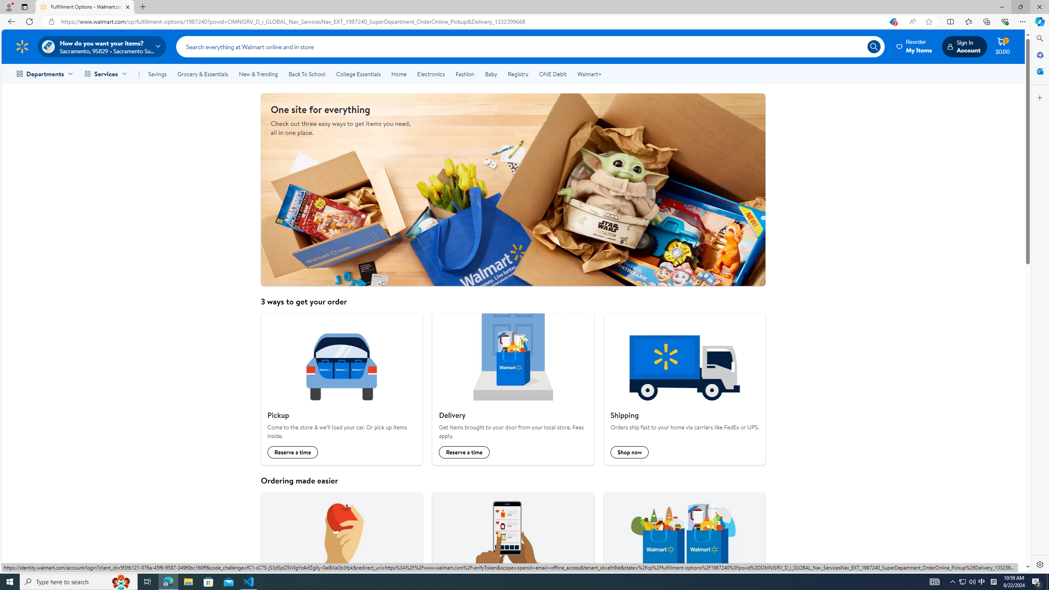 The image size is (1049, 590). Describe the element at coordinates (553, 74) in the screenshot. I see `'ONE Debit'` at that location.